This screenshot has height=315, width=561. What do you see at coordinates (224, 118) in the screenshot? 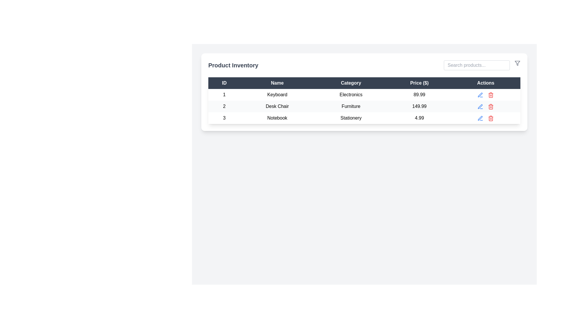
I see `the Text Label that identifies the product 'Notebook' in the 'ID' column of the 'Product Inventory' table for reading` at bounding box center [224, 118].